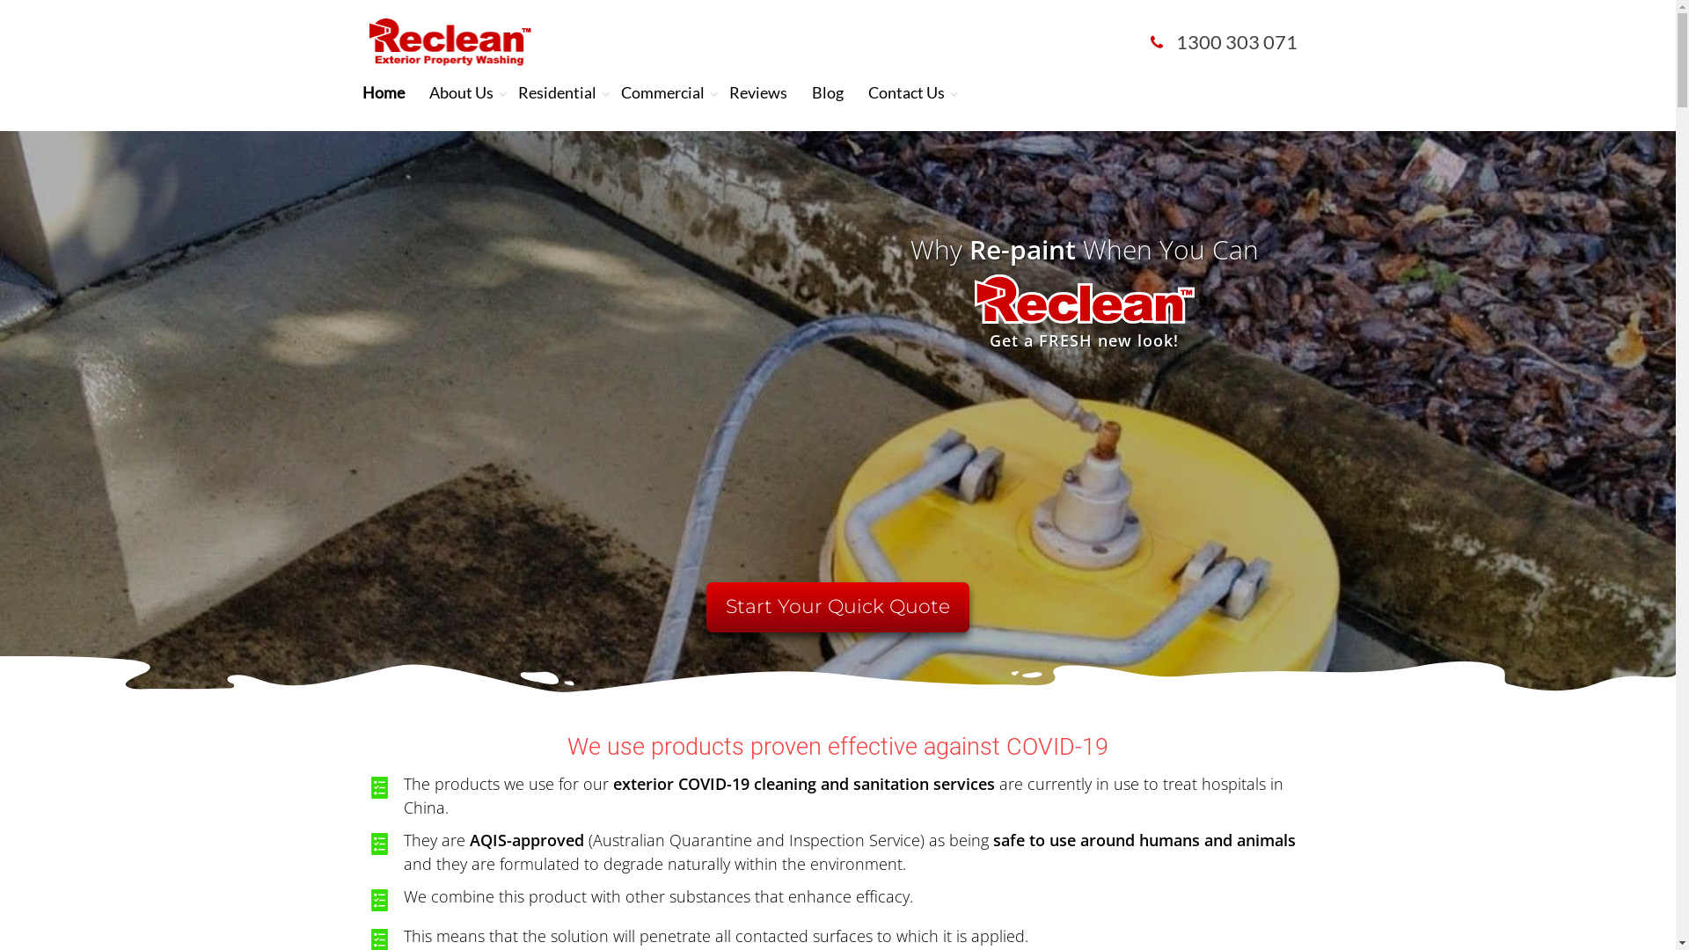 Image resolution: width=1689 pixels, height=950 pixels. What do you see at coordinates (556, 91) in the screenshot?
I see `'Residential'` at bounding box center [556, 91].